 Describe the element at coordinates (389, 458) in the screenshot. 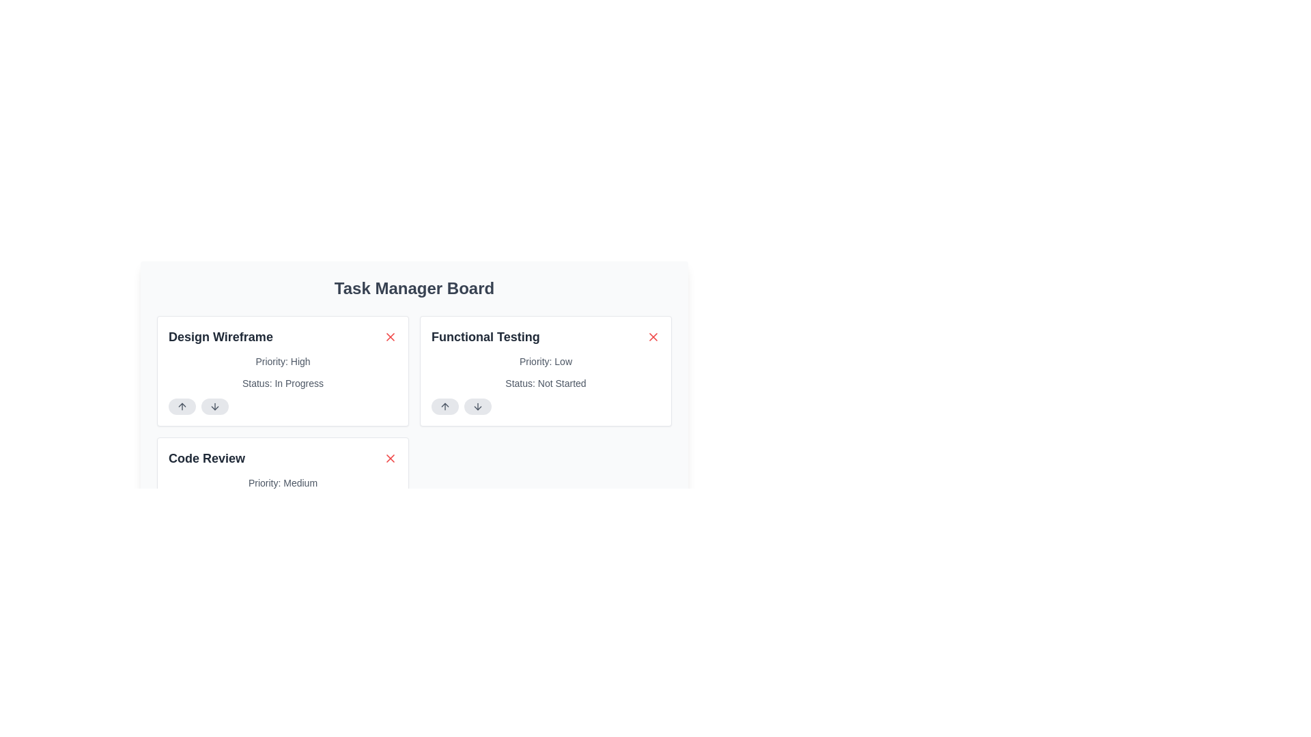

I see `the red 'X' icon in the top-right corner of the 'Code Review' section` at that location.